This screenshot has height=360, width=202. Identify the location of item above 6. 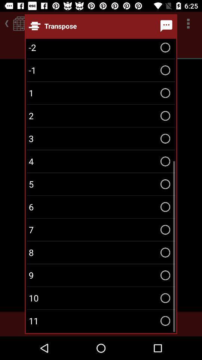
(101, 184).